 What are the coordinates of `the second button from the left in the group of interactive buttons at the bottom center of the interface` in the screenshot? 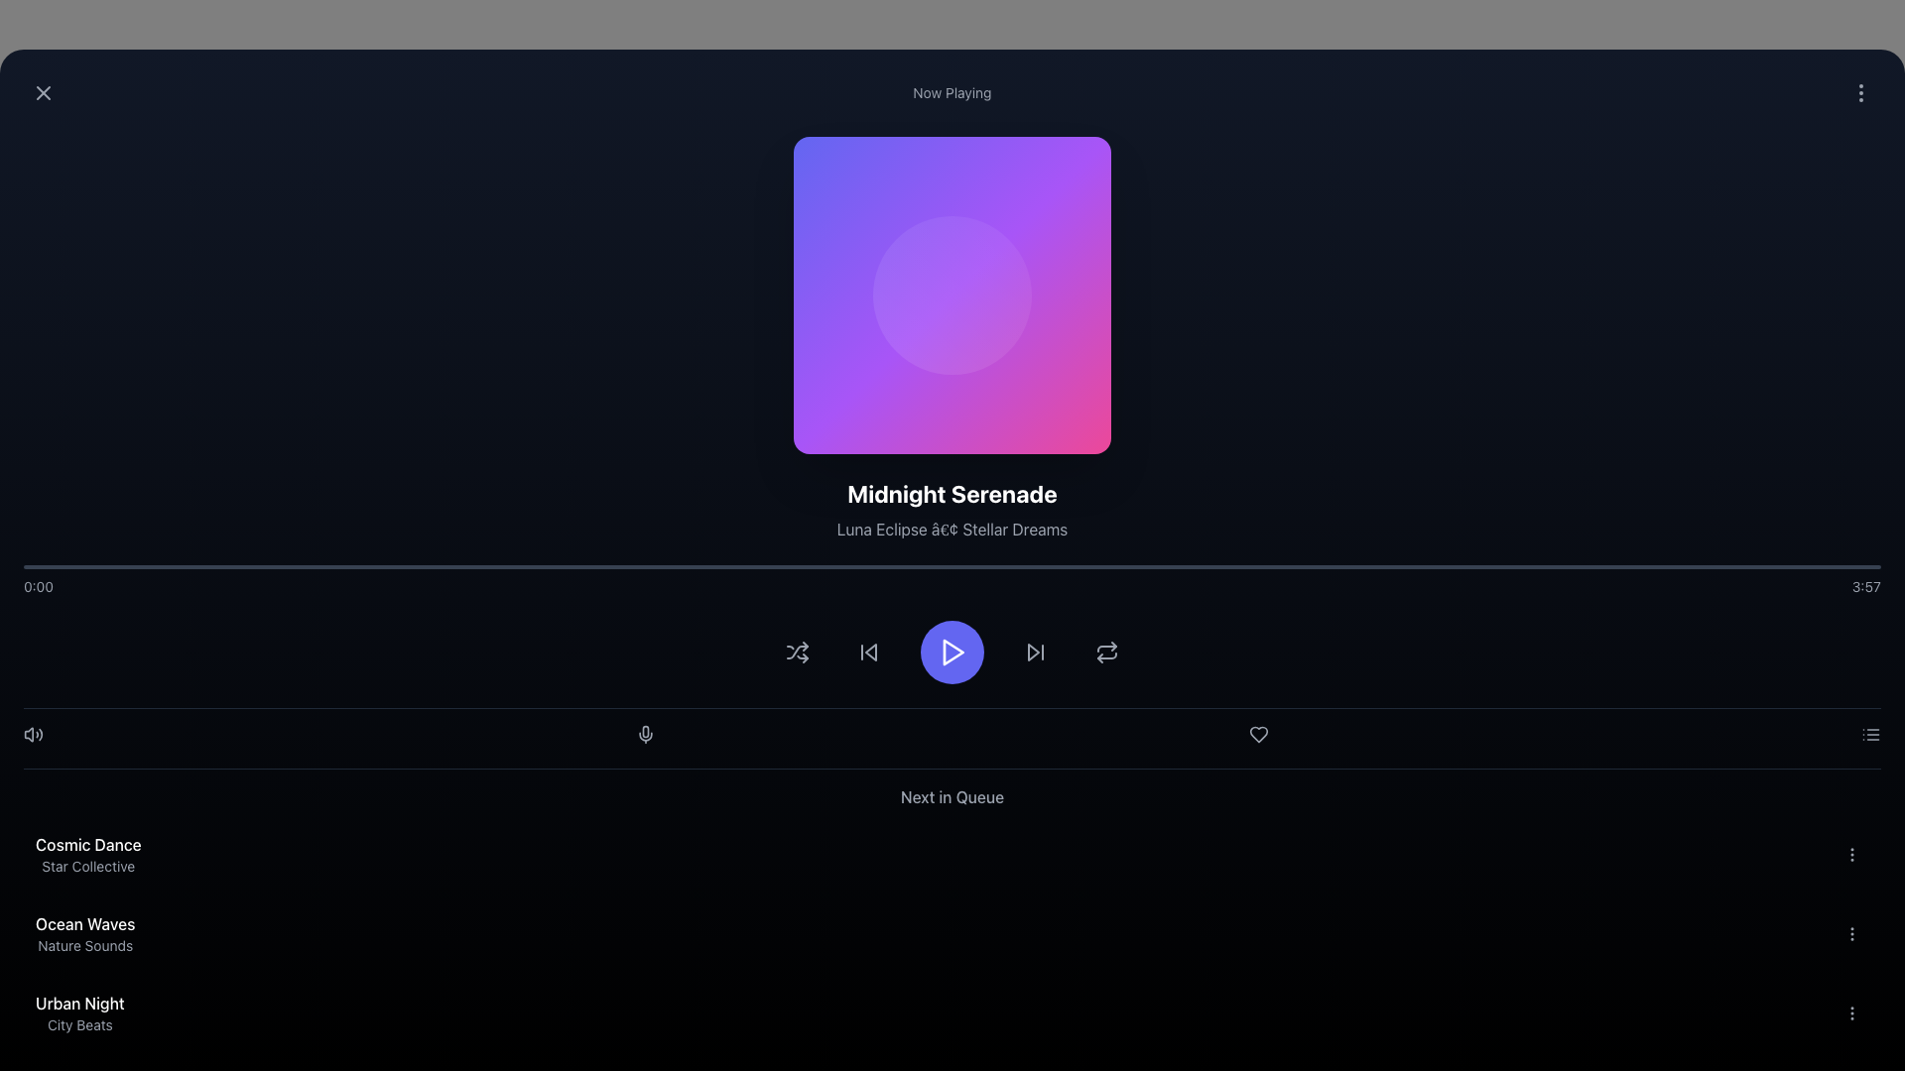 It's located at (868, 653).